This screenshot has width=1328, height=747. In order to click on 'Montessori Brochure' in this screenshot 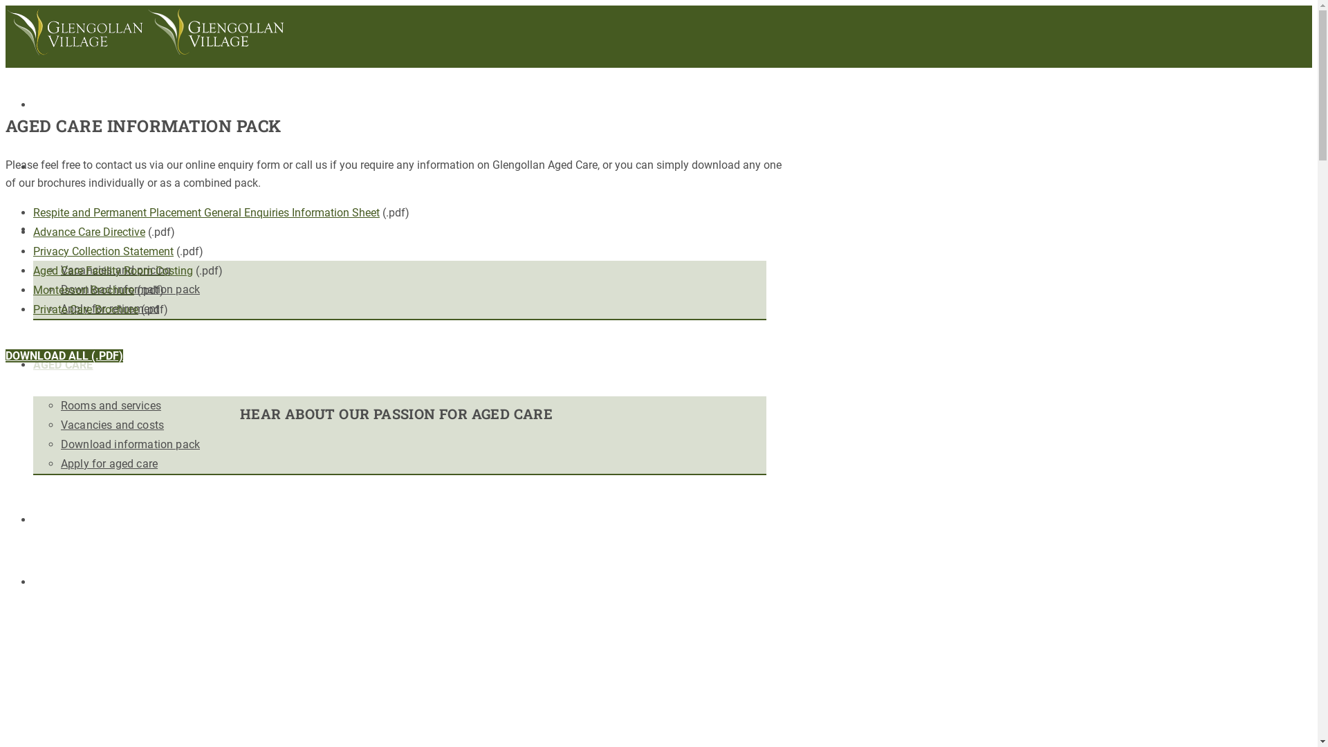, I will do `click(82, 289)`.